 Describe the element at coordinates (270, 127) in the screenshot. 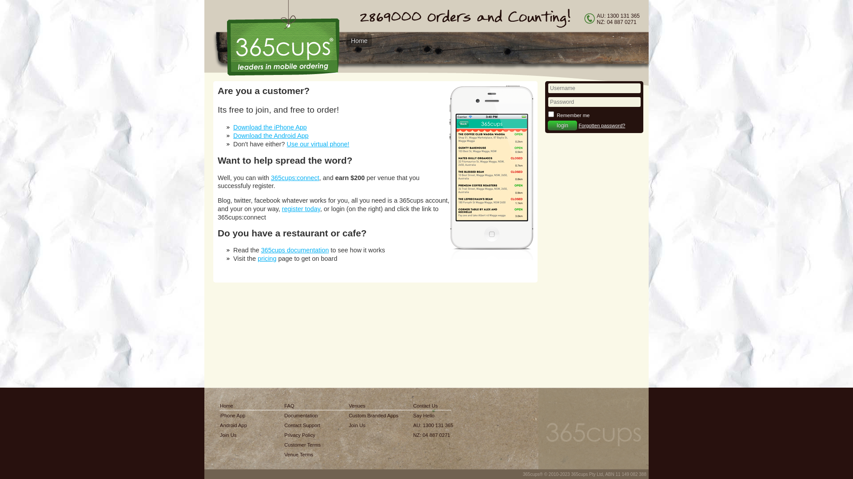

I see `'Download the iPhone App'` at that location.